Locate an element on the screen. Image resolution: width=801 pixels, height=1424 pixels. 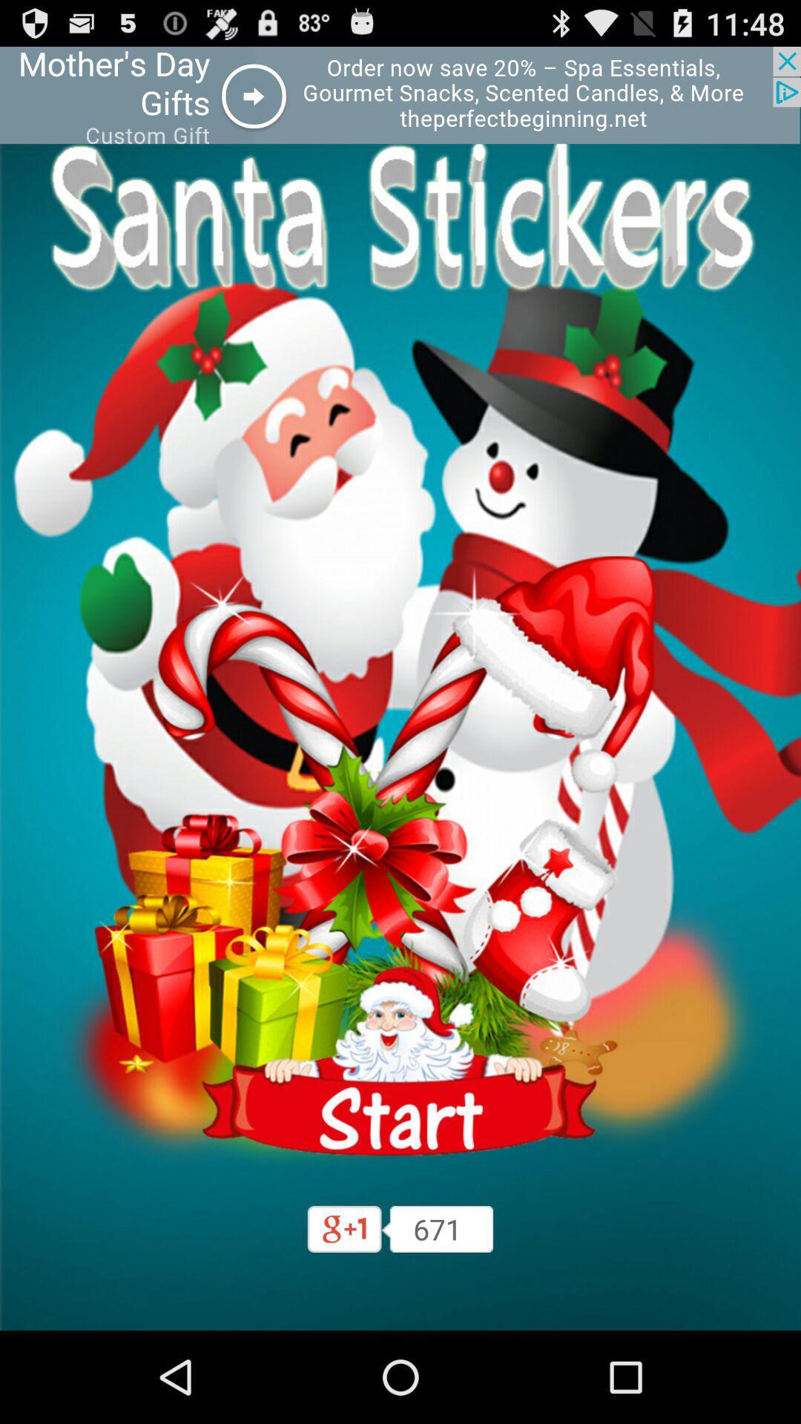
advertisement area is located at coordinates (400, 94).